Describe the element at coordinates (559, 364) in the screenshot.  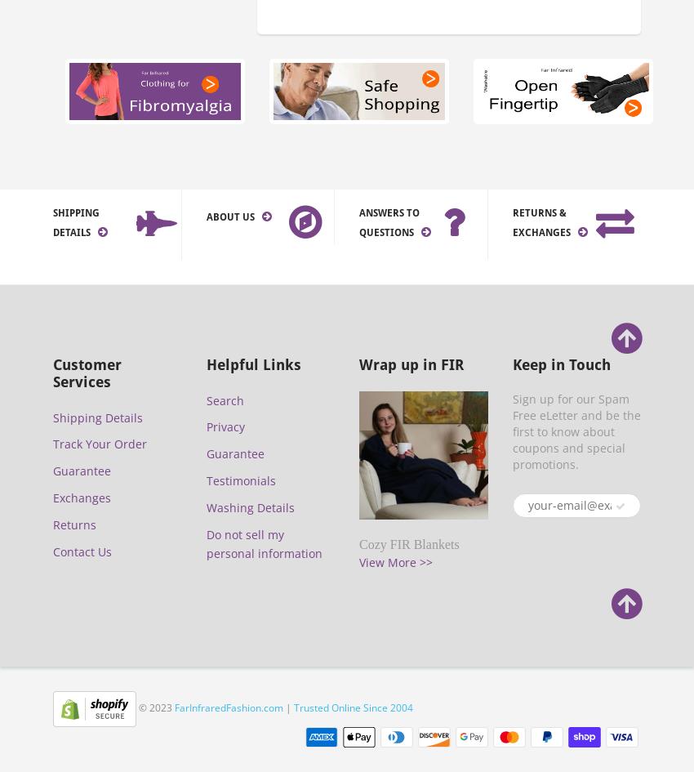
I see `'Keep in Touch'` at that location.